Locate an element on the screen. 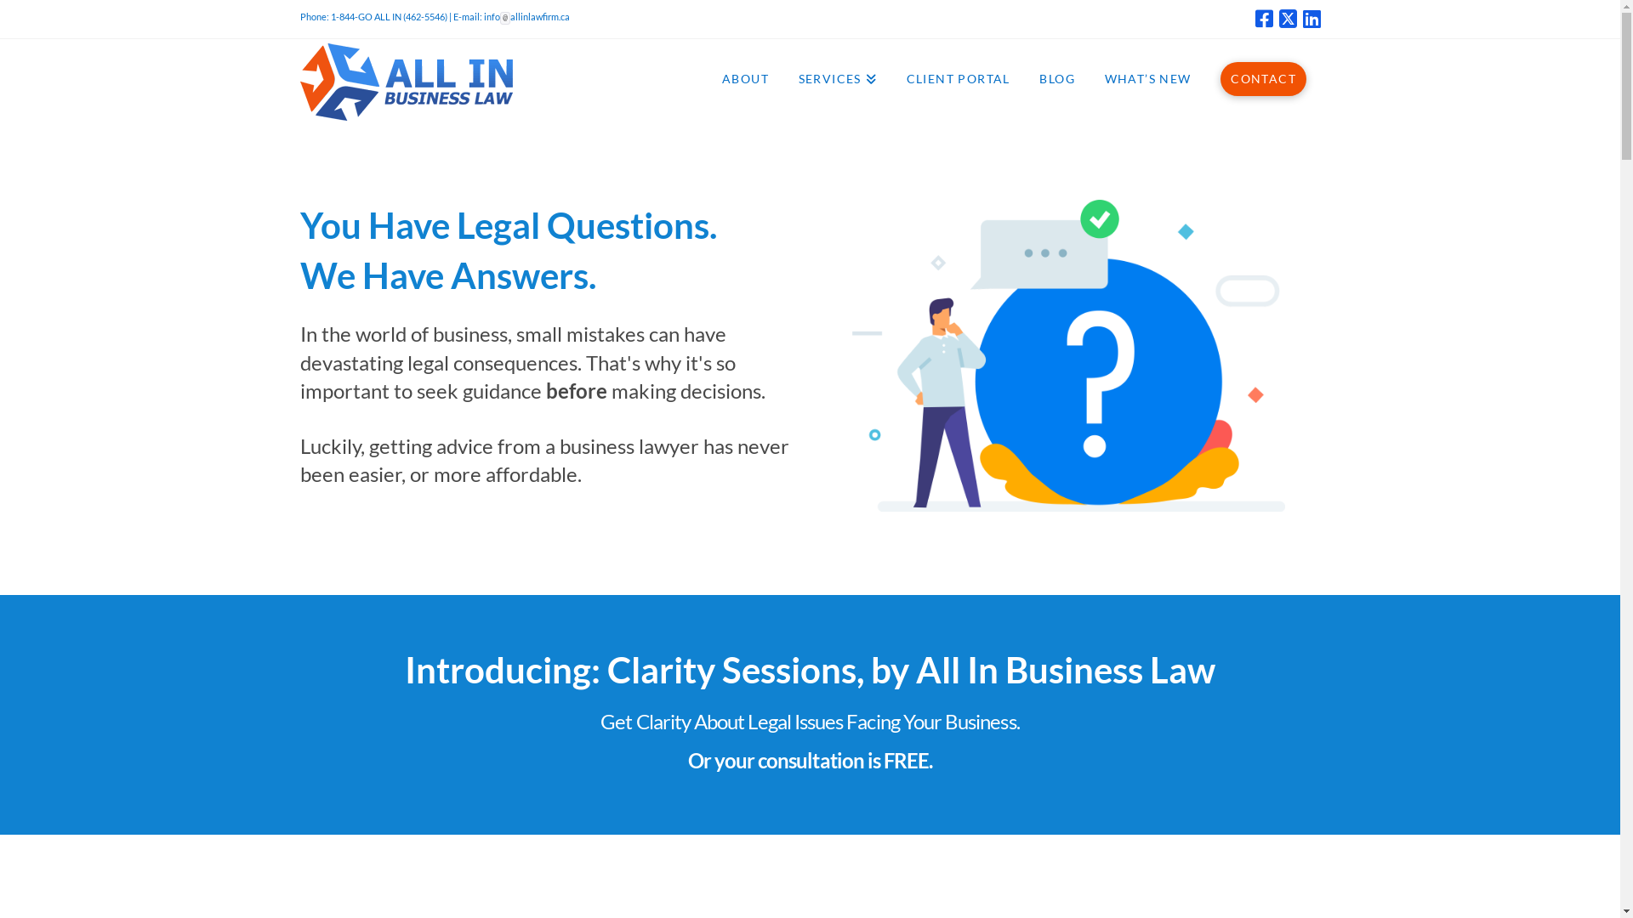 This screenshot has height=918, width=1633. 'CLIENT PORTAL' is located at coordinates (958, 77).